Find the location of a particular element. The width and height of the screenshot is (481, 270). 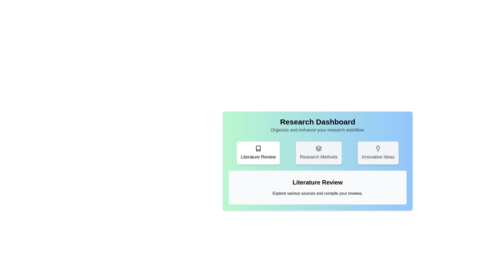

the 'Literature Review' button is located at coordinates (258, 153).